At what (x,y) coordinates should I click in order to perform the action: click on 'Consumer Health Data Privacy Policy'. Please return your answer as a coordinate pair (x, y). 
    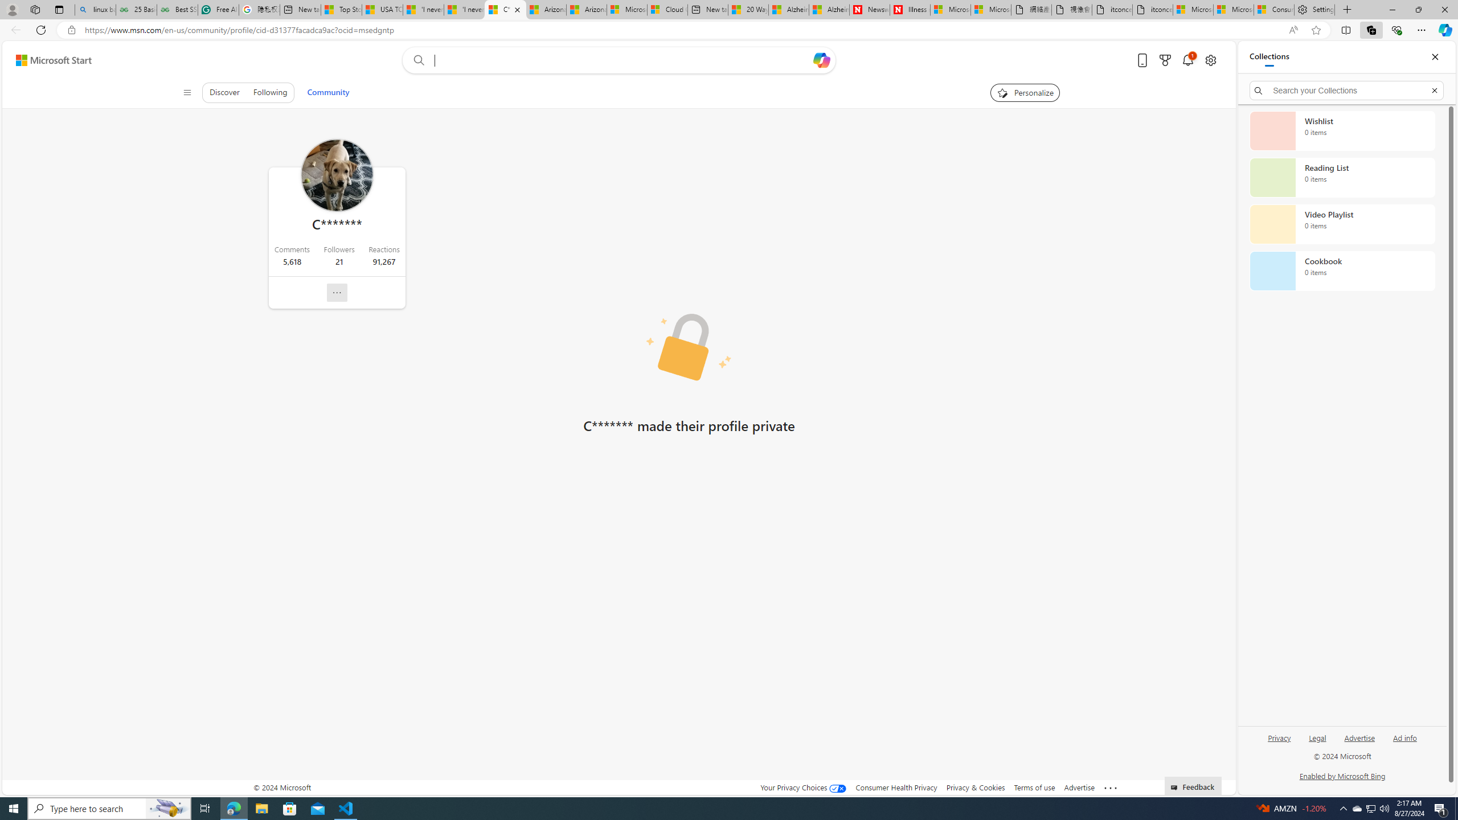
    Looking at the image, I should click on (1274, 9).